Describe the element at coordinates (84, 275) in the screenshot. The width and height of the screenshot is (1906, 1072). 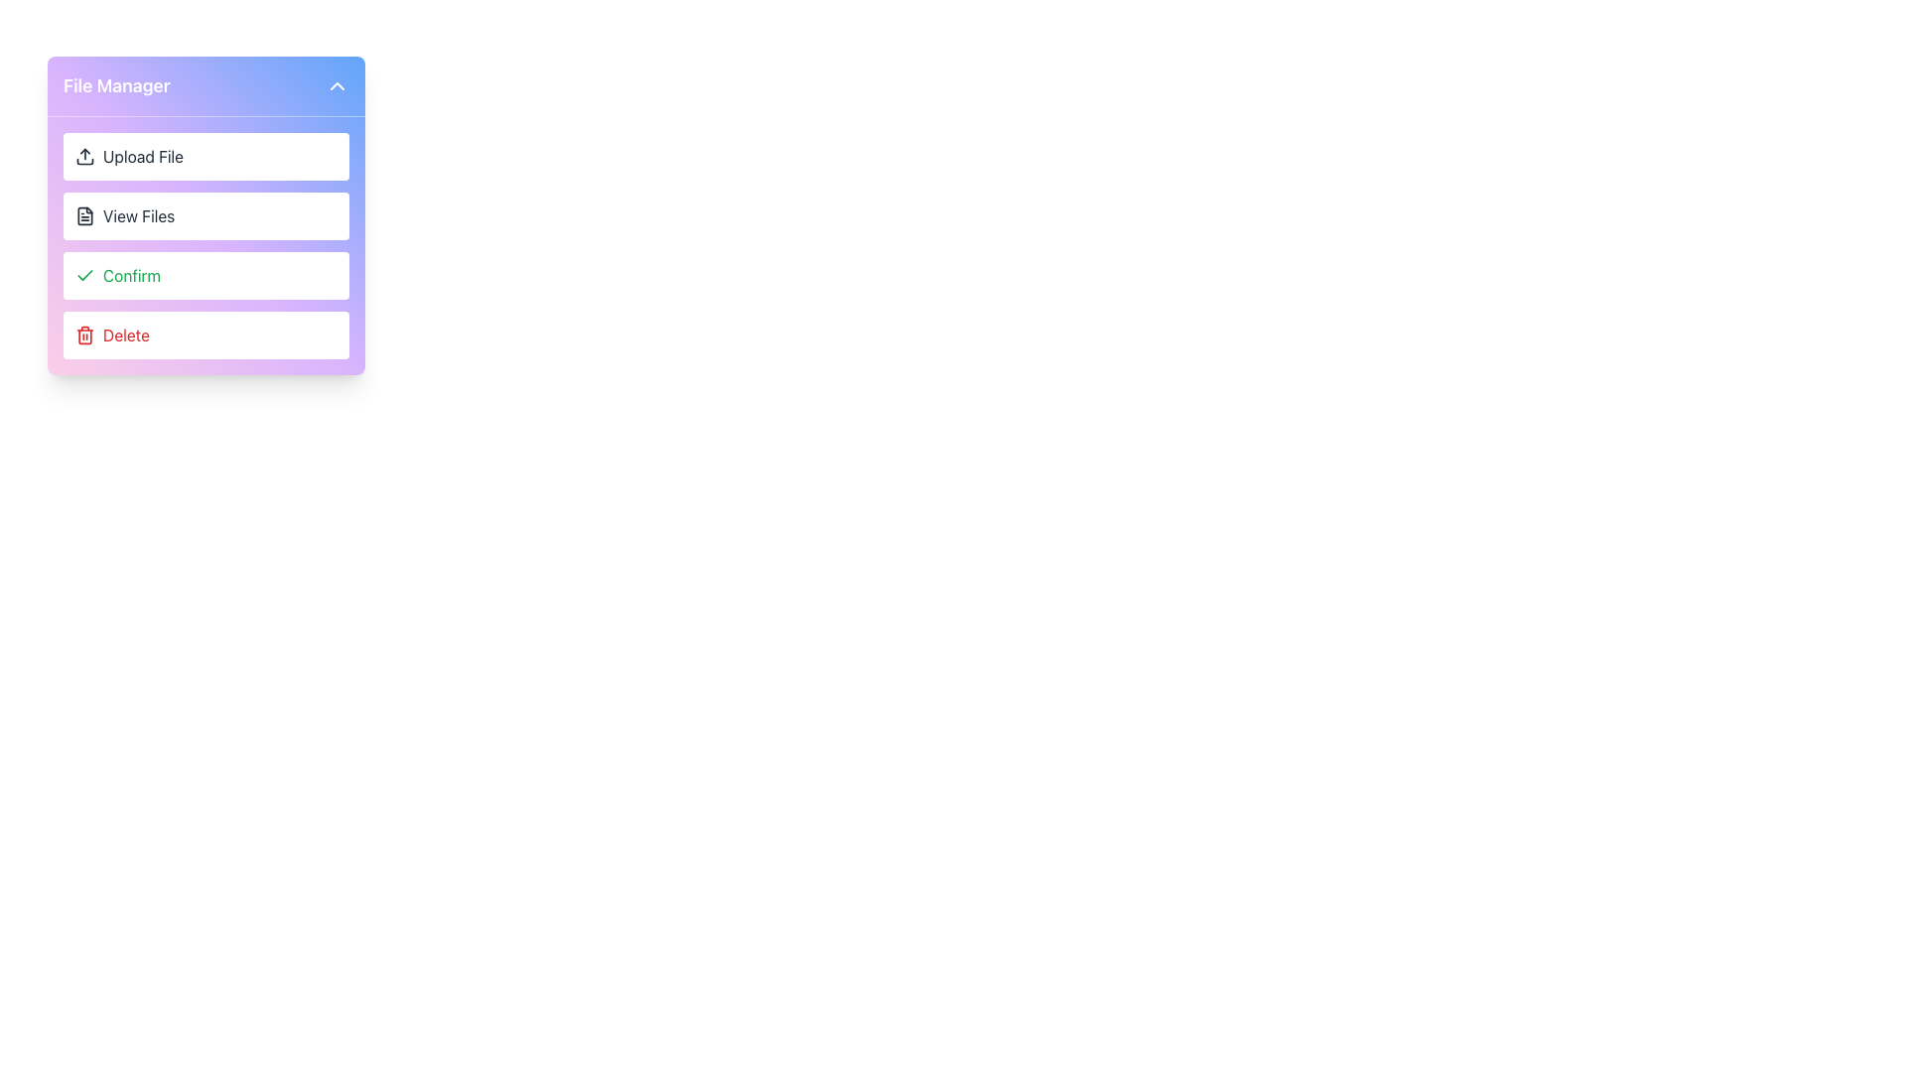
I see `the green checkmark icon adjacent to the 'Confirm' label in the 'File Manager' section` at that location.